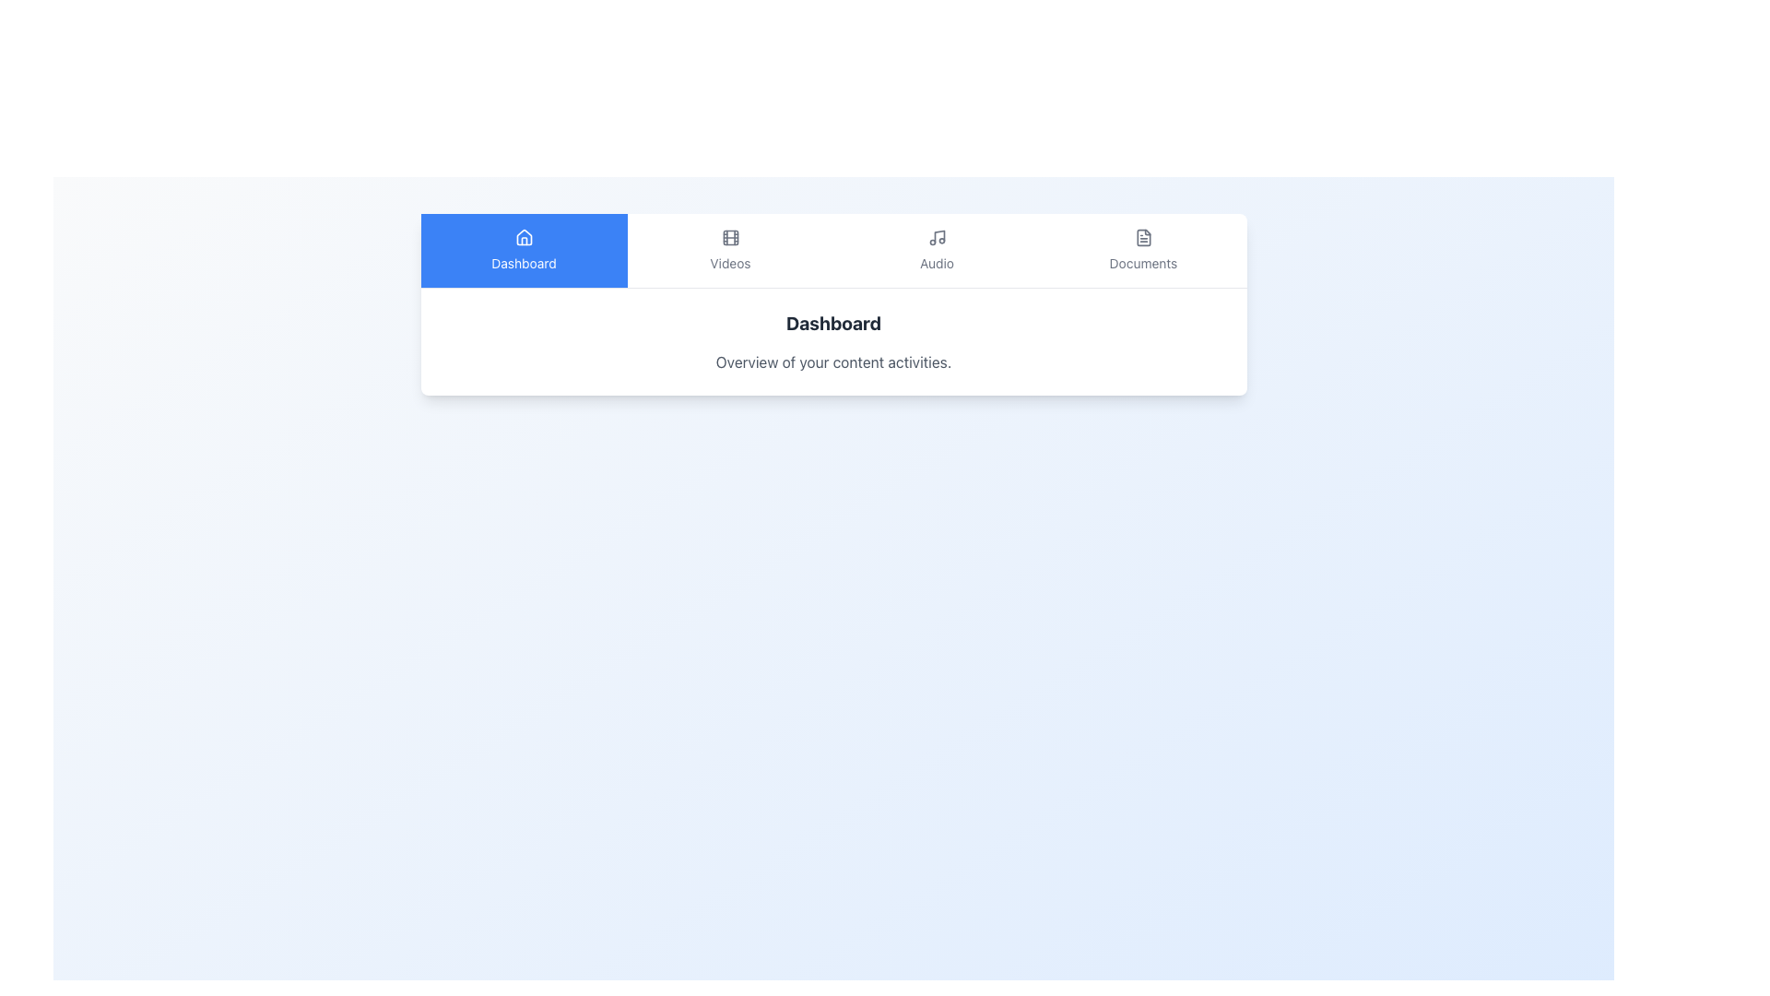  What do you see at coordinates (1142, 251) in the screenshot?
I see `the 'Documents' navigation button, the fourth item in the horizontal navigation bar, to change its color` at bounding box center [1142, 251].